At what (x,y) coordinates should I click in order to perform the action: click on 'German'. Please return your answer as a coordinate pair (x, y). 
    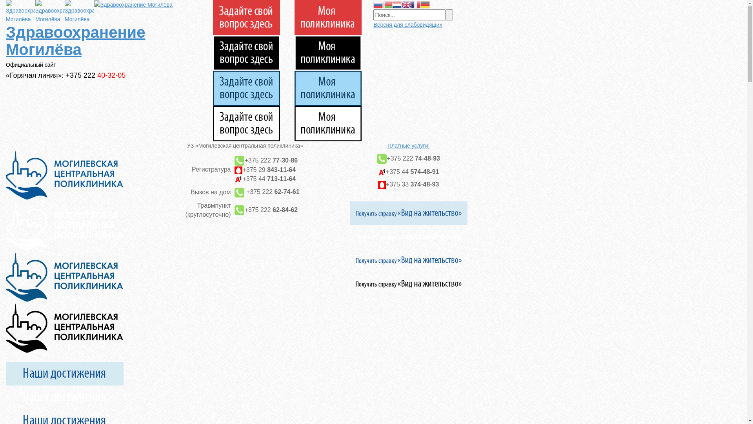
    Looking at the image, I should click on (425, 4).